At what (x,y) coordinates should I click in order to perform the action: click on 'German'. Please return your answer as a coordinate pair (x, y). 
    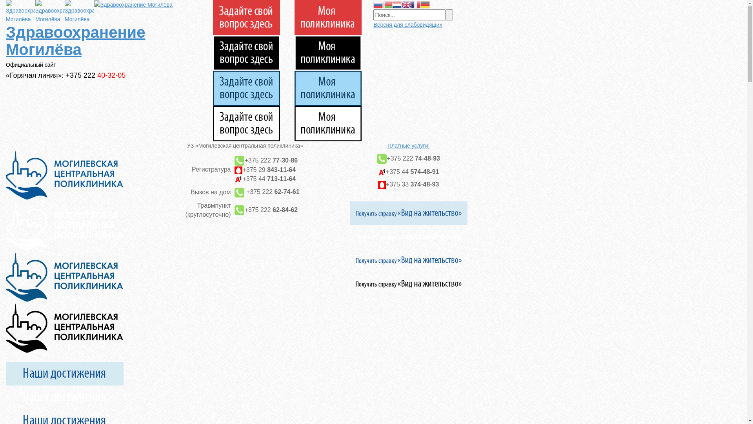
    Looking at the image, I should click on (425, 4).